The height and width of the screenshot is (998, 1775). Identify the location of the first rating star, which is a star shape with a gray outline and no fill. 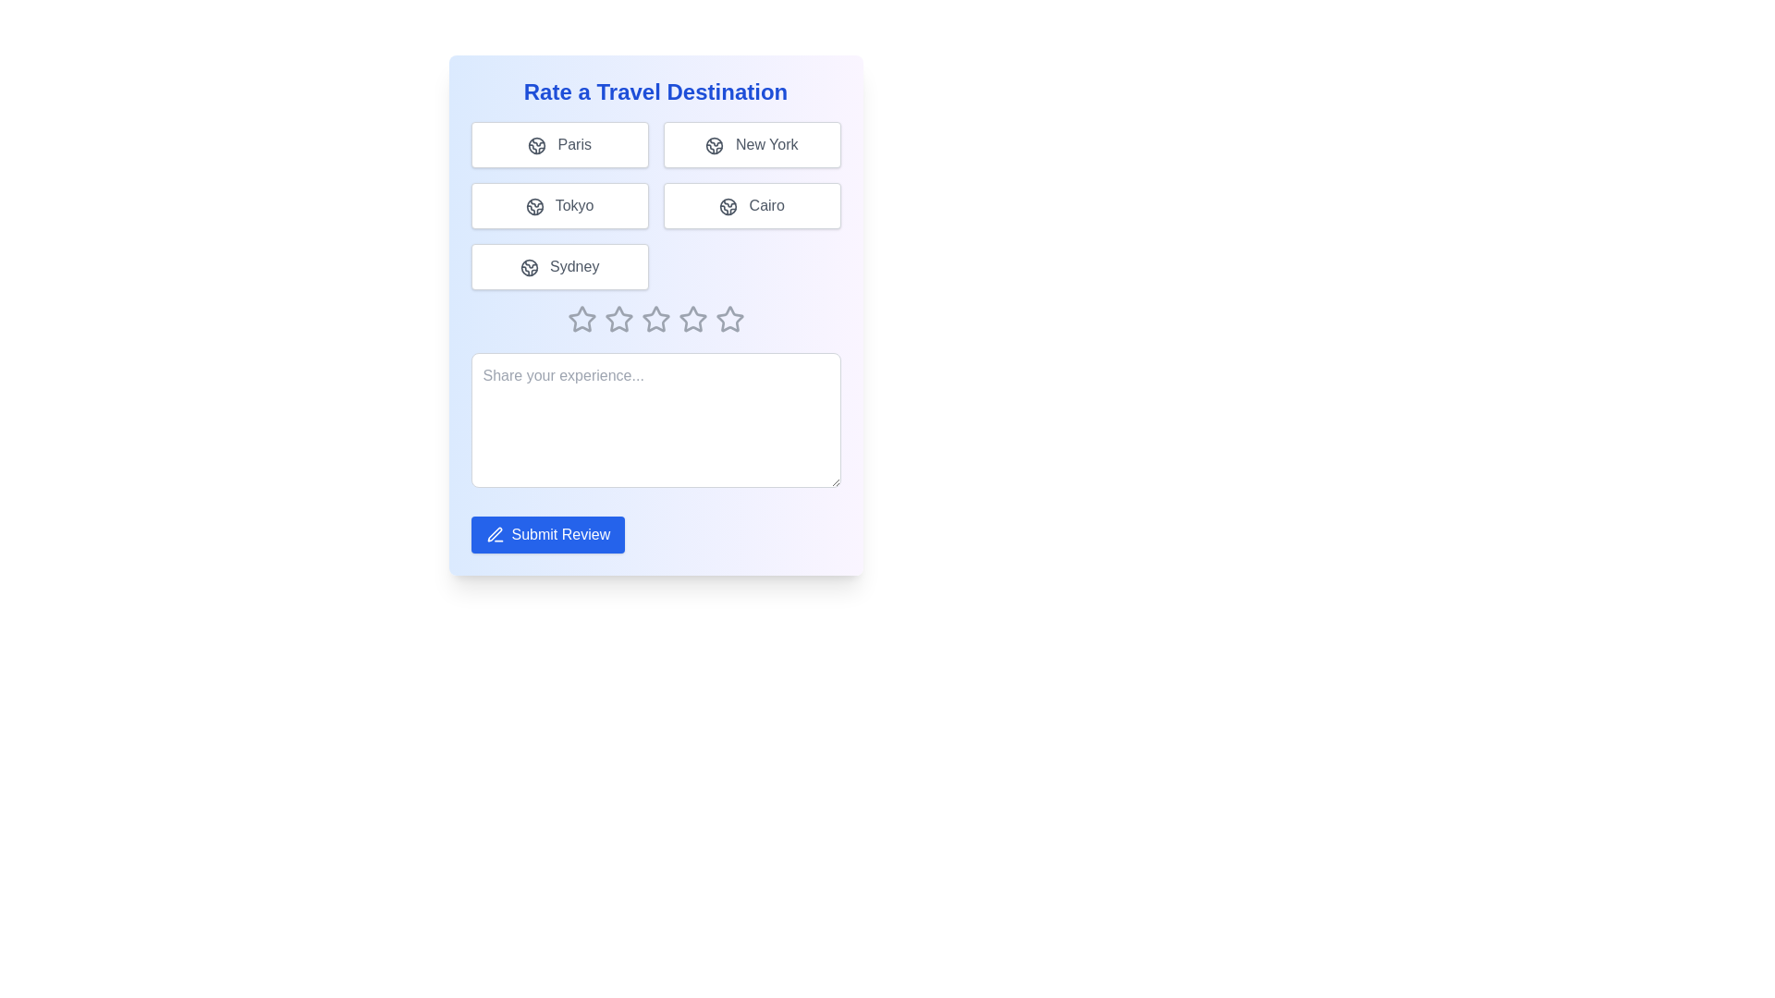
(581, 318).